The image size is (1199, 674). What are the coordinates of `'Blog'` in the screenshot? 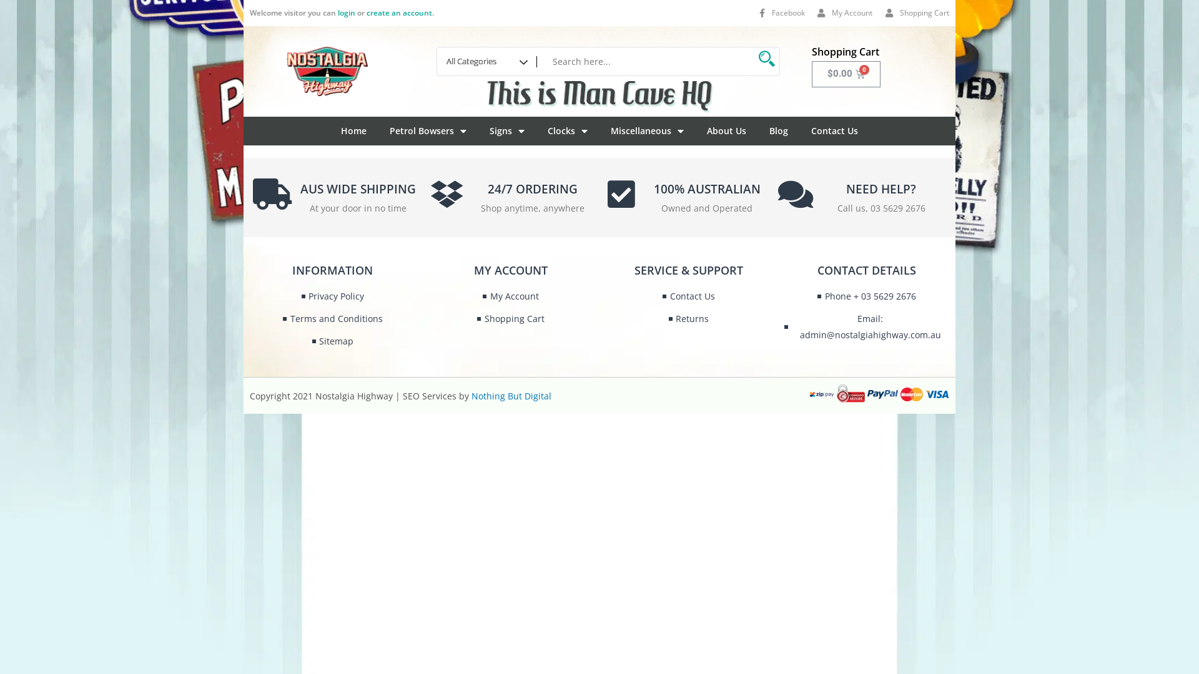 It's located at (778, 130).